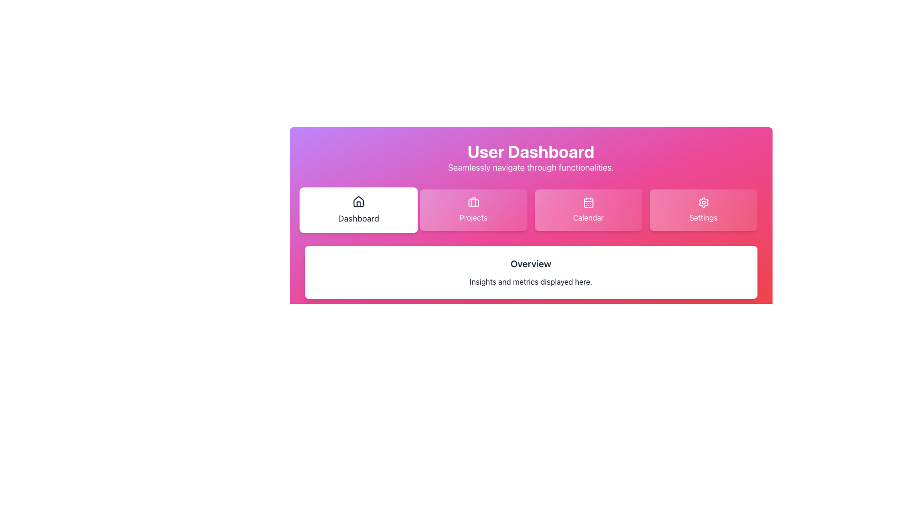  What do you see at coordinates (473, 210) in the screenshot?
I see `the button with a pink gradient background featuring a briefcase icon and the text 'Projects' to observe any hover-based effects` at bounding box center [473, 210].